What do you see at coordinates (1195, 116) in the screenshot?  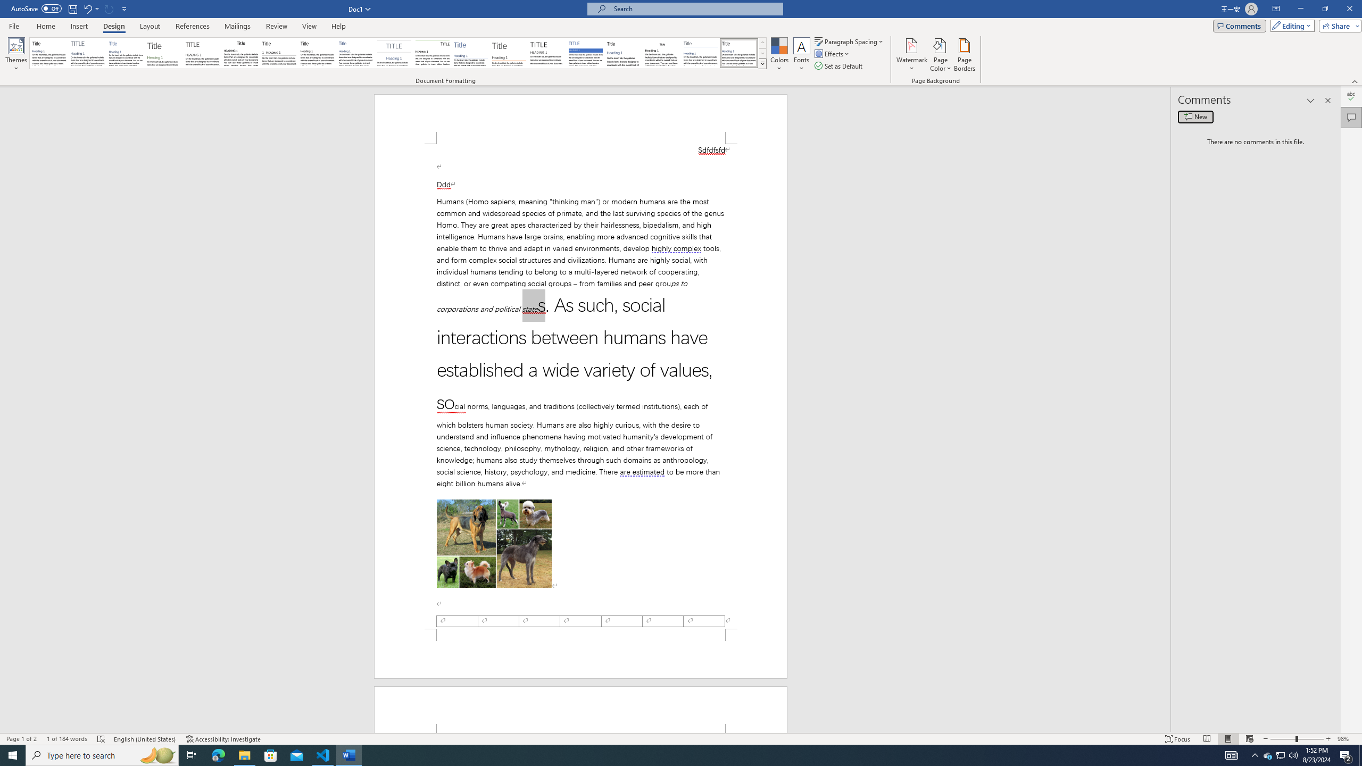 I see `'New comment'` at bounding box center [1195, 116].